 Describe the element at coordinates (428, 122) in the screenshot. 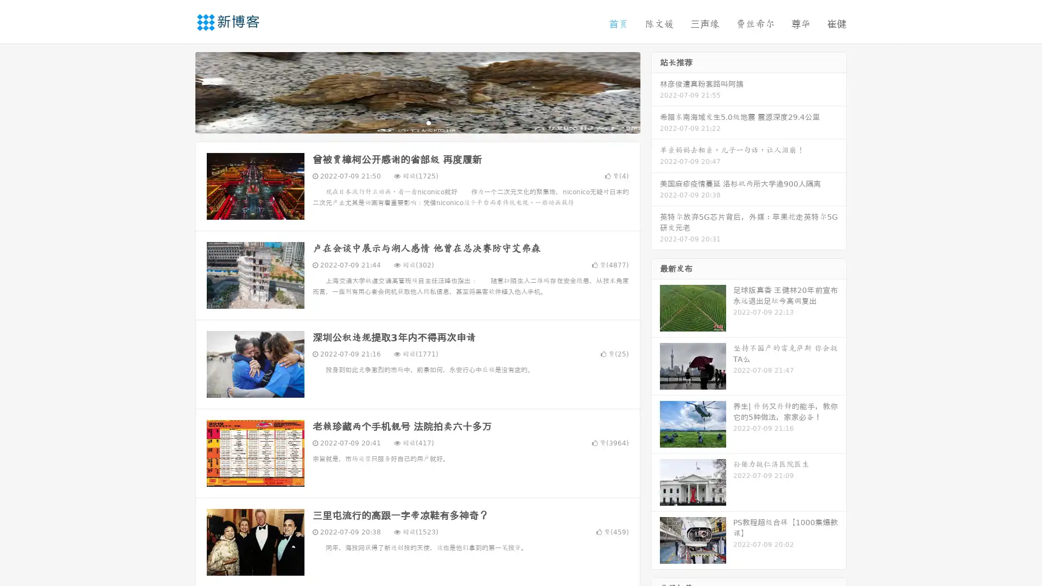

I see `Go to slide 3` at that location.